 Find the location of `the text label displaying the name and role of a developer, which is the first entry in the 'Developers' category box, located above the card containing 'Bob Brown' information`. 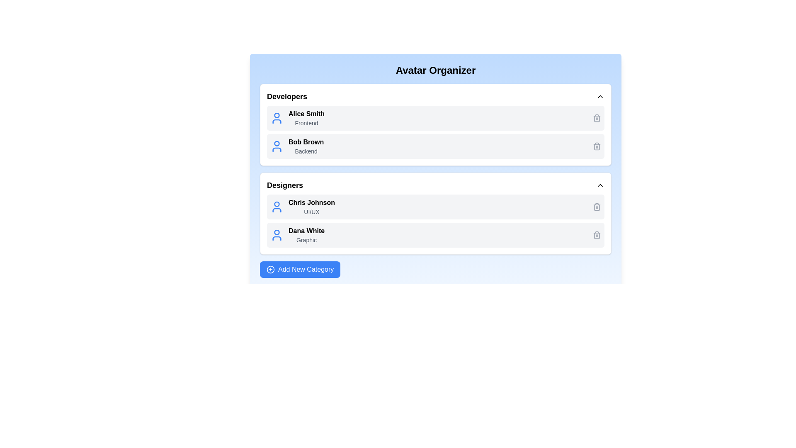

the text label displaying the name and role of a developer, which is the first entry in the 'Developers' category box, located above the card containing 'Bob Brown' information is located at coordinates (306, 118).